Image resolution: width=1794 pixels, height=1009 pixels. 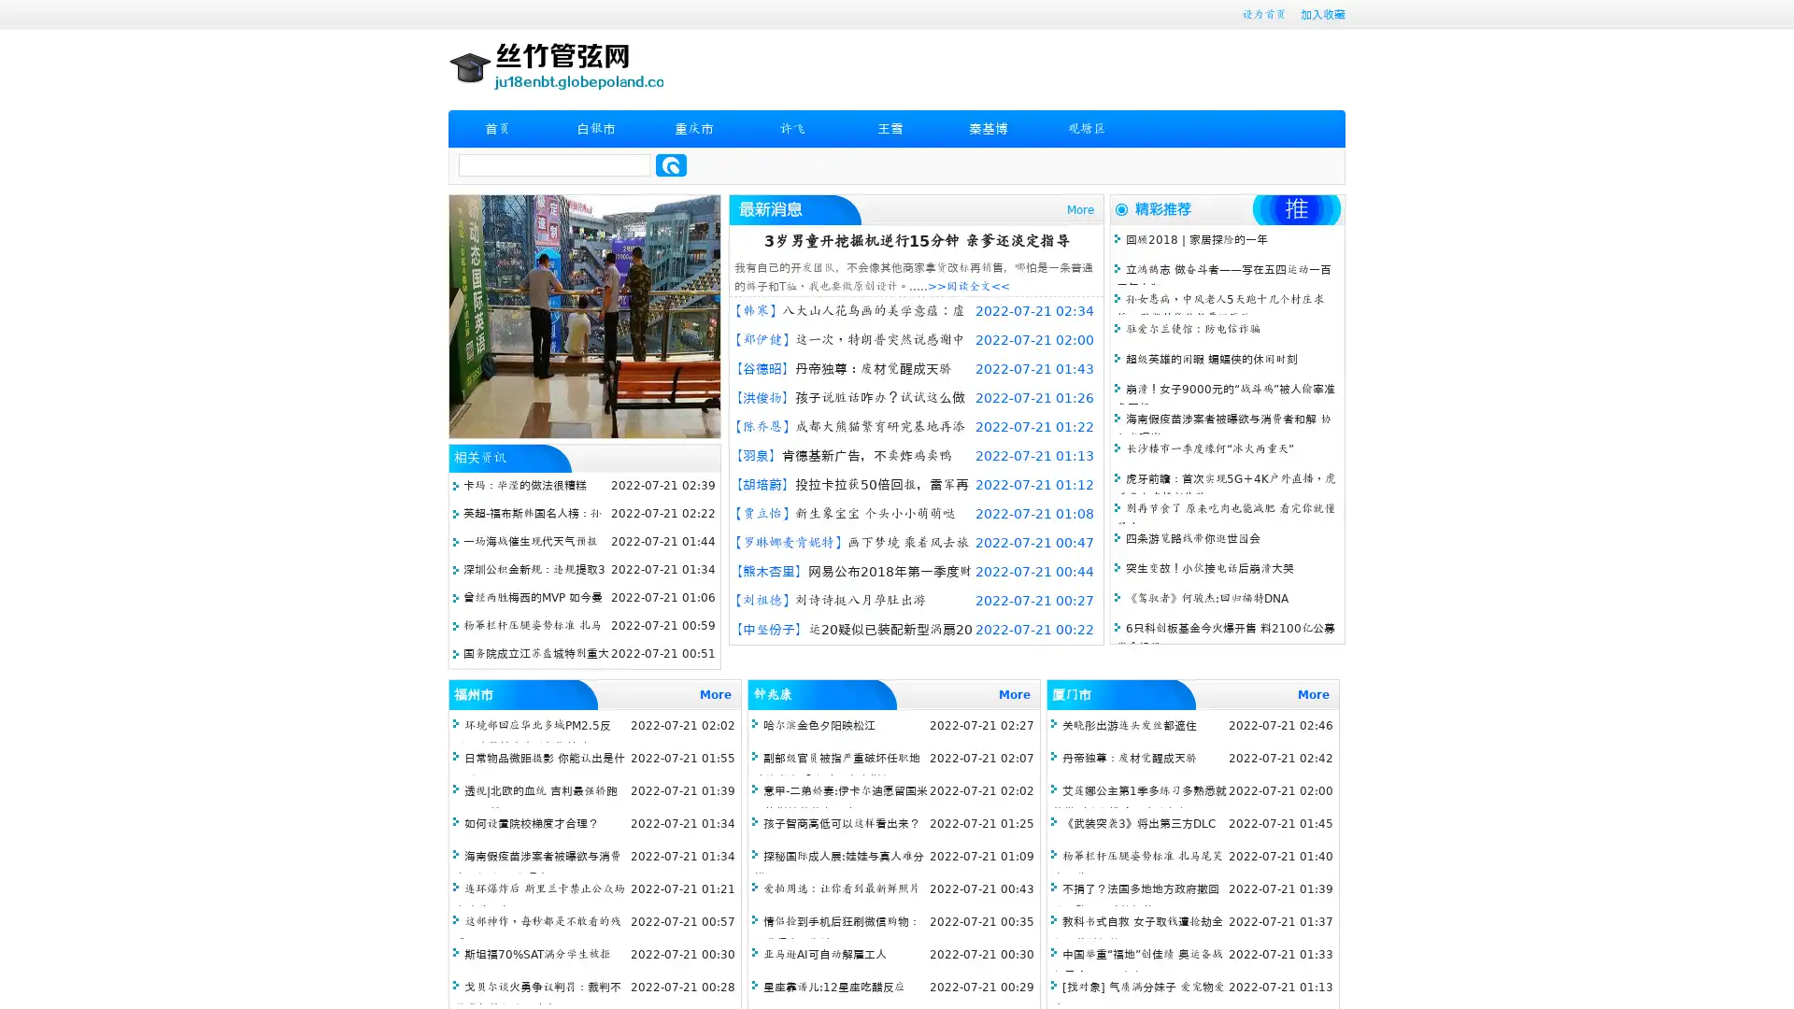 What do you see at coordinates (671, 164) in the screenshot?
I see `Search` at bounding box center [671, 164].